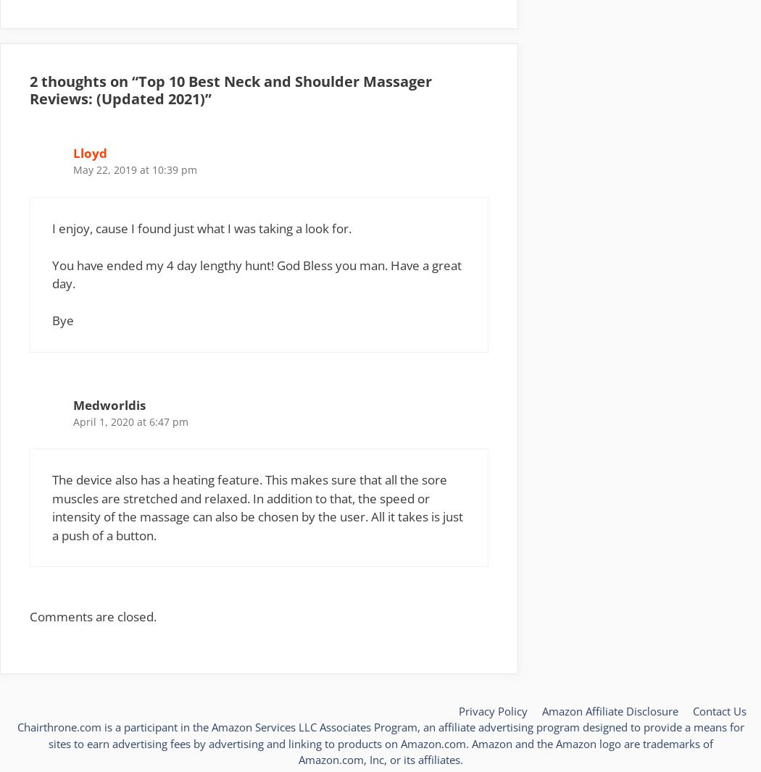 Image resolution: width=761 pixels, height=772 pixels. Describe the element at coordinates (256, 274) in the screenshot. I see `'You have ended my 4 day lengthy hunt! God Bless you man. Have a great day.'` at that location.